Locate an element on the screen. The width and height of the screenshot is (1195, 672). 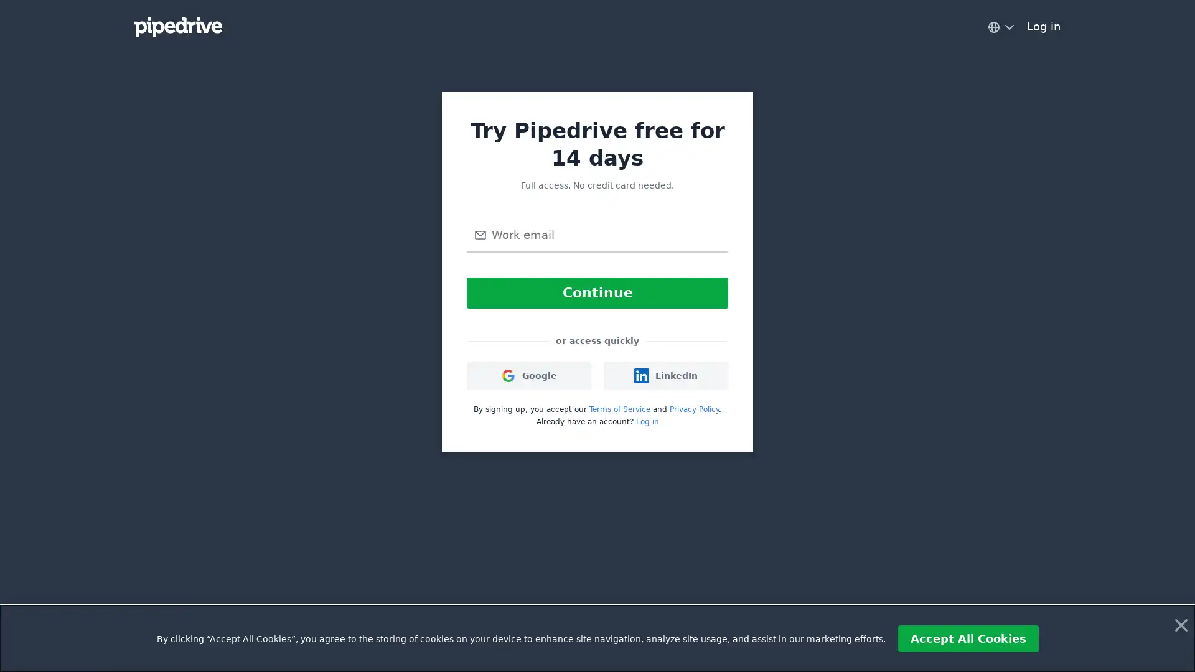
Accept All Cookies is located at coordinates (967, 638).